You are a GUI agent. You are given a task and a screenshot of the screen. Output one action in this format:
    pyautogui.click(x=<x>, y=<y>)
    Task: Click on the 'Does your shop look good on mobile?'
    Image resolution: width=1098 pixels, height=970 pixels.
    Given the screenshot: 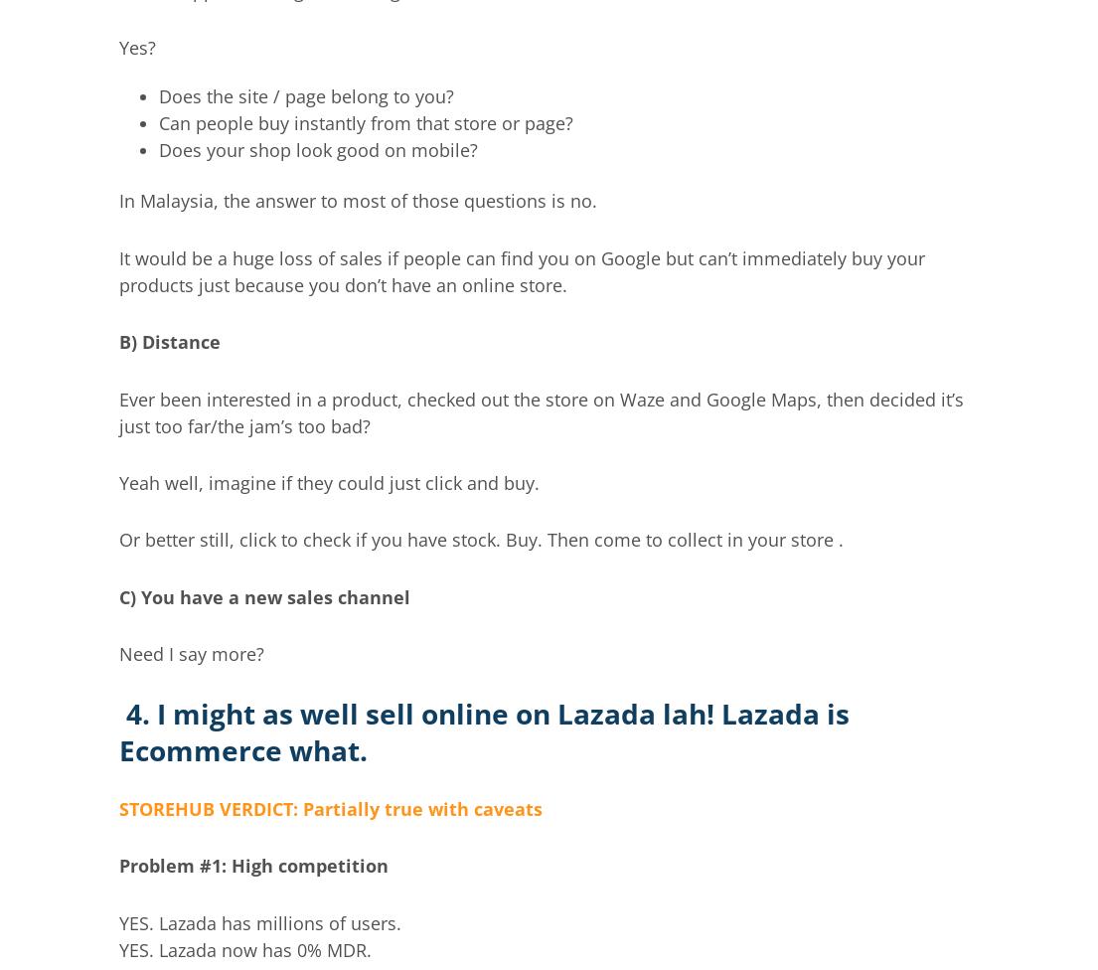 What is the action you would take?
    pyautogui.click(x=318, y=148)
    